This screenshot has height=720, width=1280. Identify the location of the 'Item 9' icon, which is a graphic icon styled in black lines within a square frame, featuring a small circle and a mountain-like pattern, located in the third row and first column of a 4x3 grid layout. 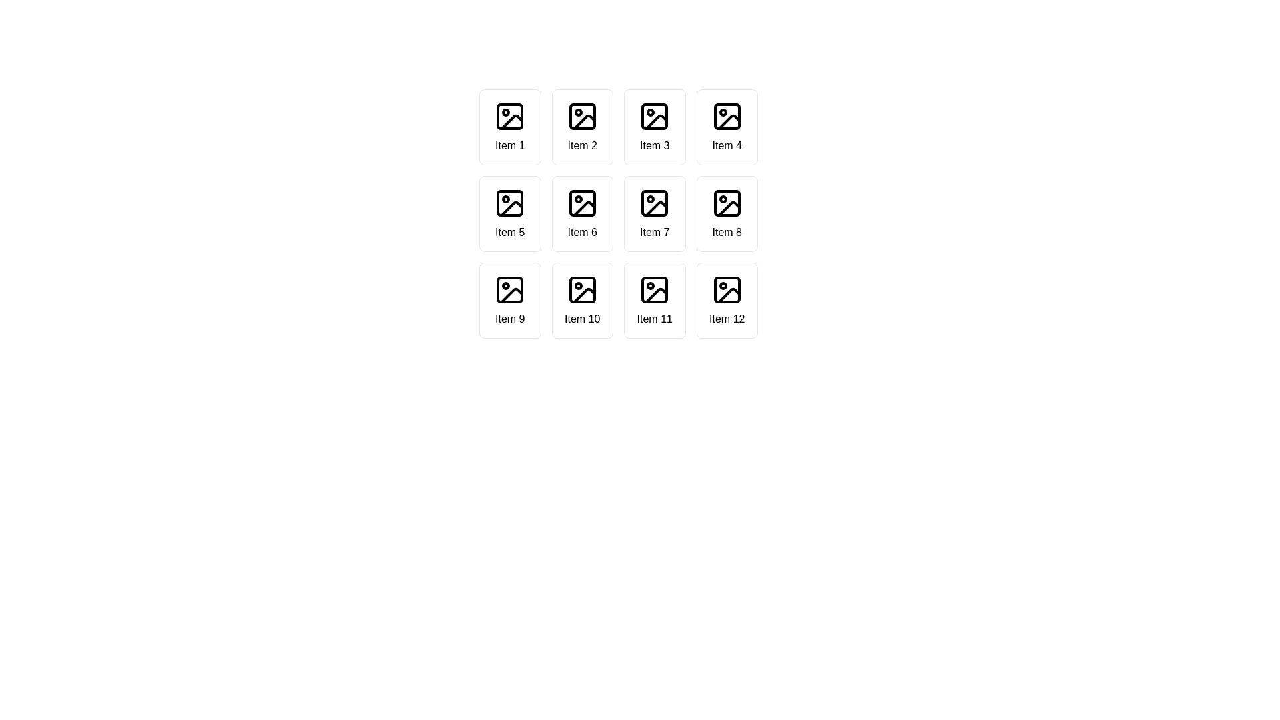
(509, 289).